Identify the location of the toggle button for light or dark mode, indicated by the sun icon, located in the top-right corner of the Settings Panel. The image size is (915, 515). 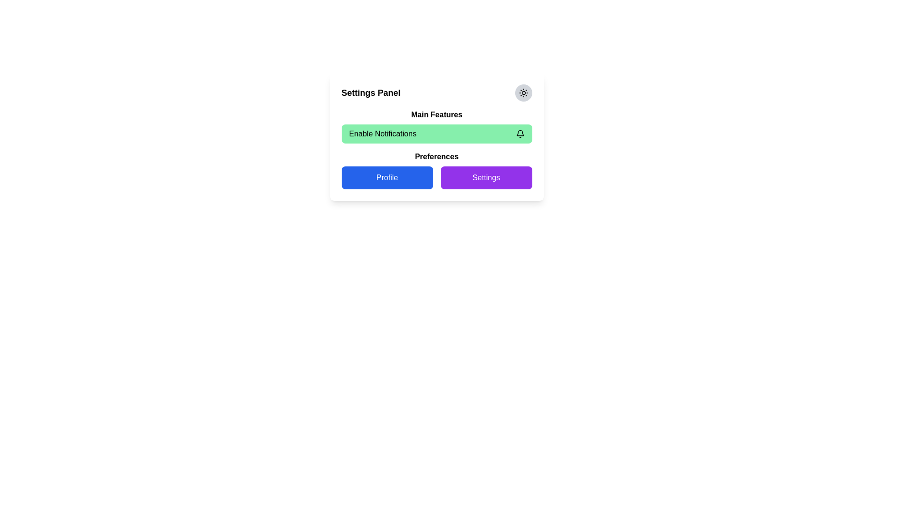
(523, 93).